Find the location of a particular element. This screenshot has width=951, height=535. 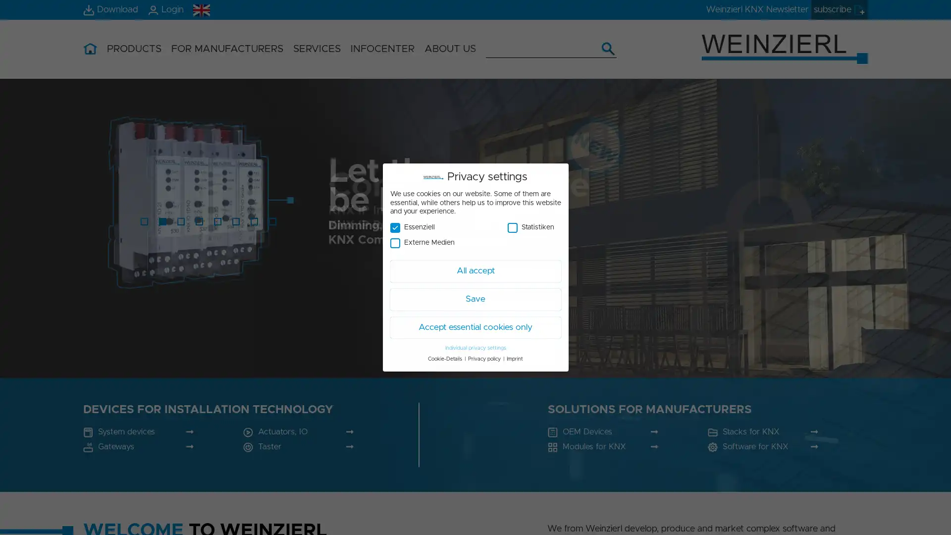

Save is located at coordinates (436, 459).